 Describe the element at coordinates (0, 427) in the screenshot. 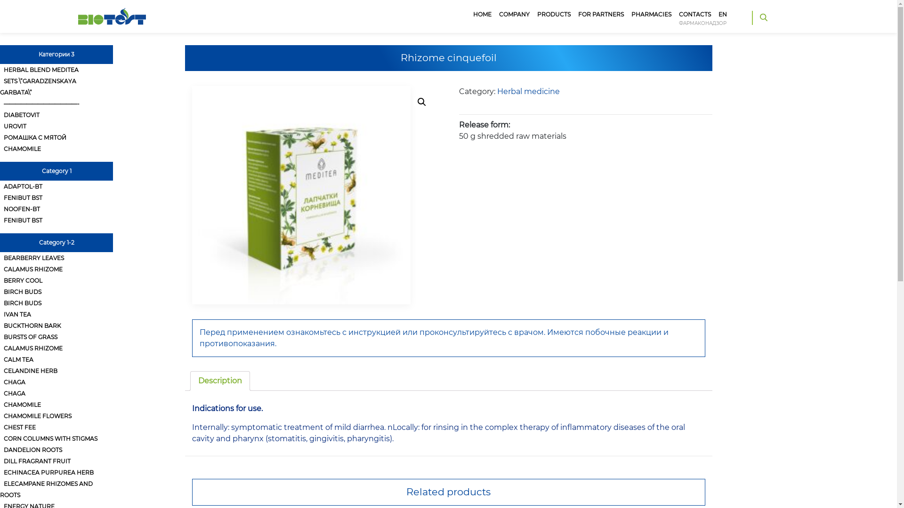

I see `'CHEST FEE'` at that location.